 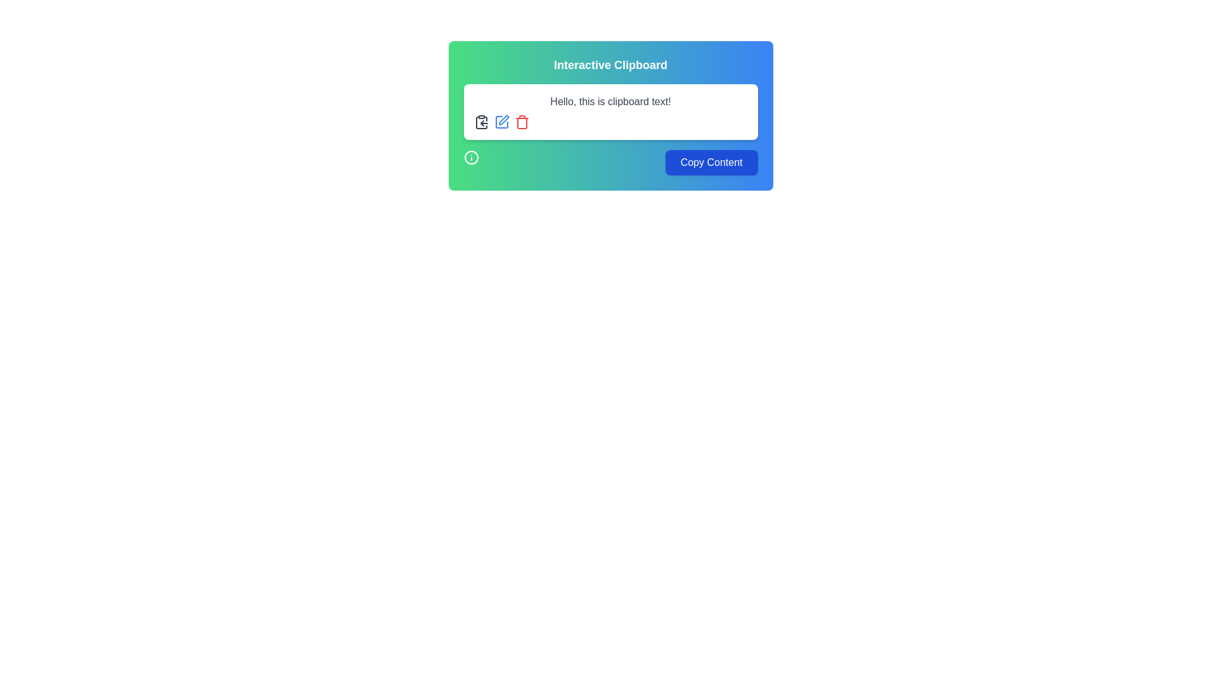 What do you see at coordinates (501, 122) in the screenshot?
I see `the second icon from the left in the horizontal group of three icons above the text 'Hello, this is clipboard text!' to initiate edit mode` at bounding box center [501, 122].